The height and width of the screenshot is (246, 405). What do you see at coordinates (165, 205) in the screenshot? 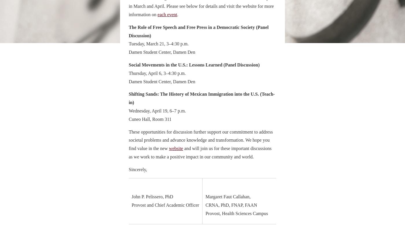
I see `'Provost and Chief Academic Officer'` at bounding box center [165, 205].